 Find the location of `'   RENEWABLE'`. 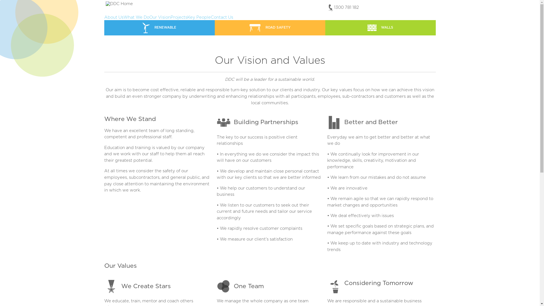

'   RENEWABLE' is located at coordinates (159, 27).